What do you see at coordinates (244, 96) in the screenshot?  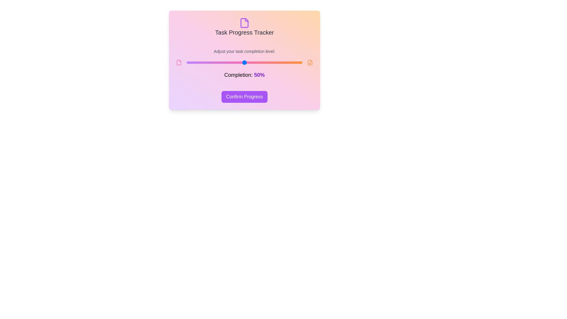 I see `'Confirm Progress' button to confirm the current task progress` at bounding box center [244, 96].